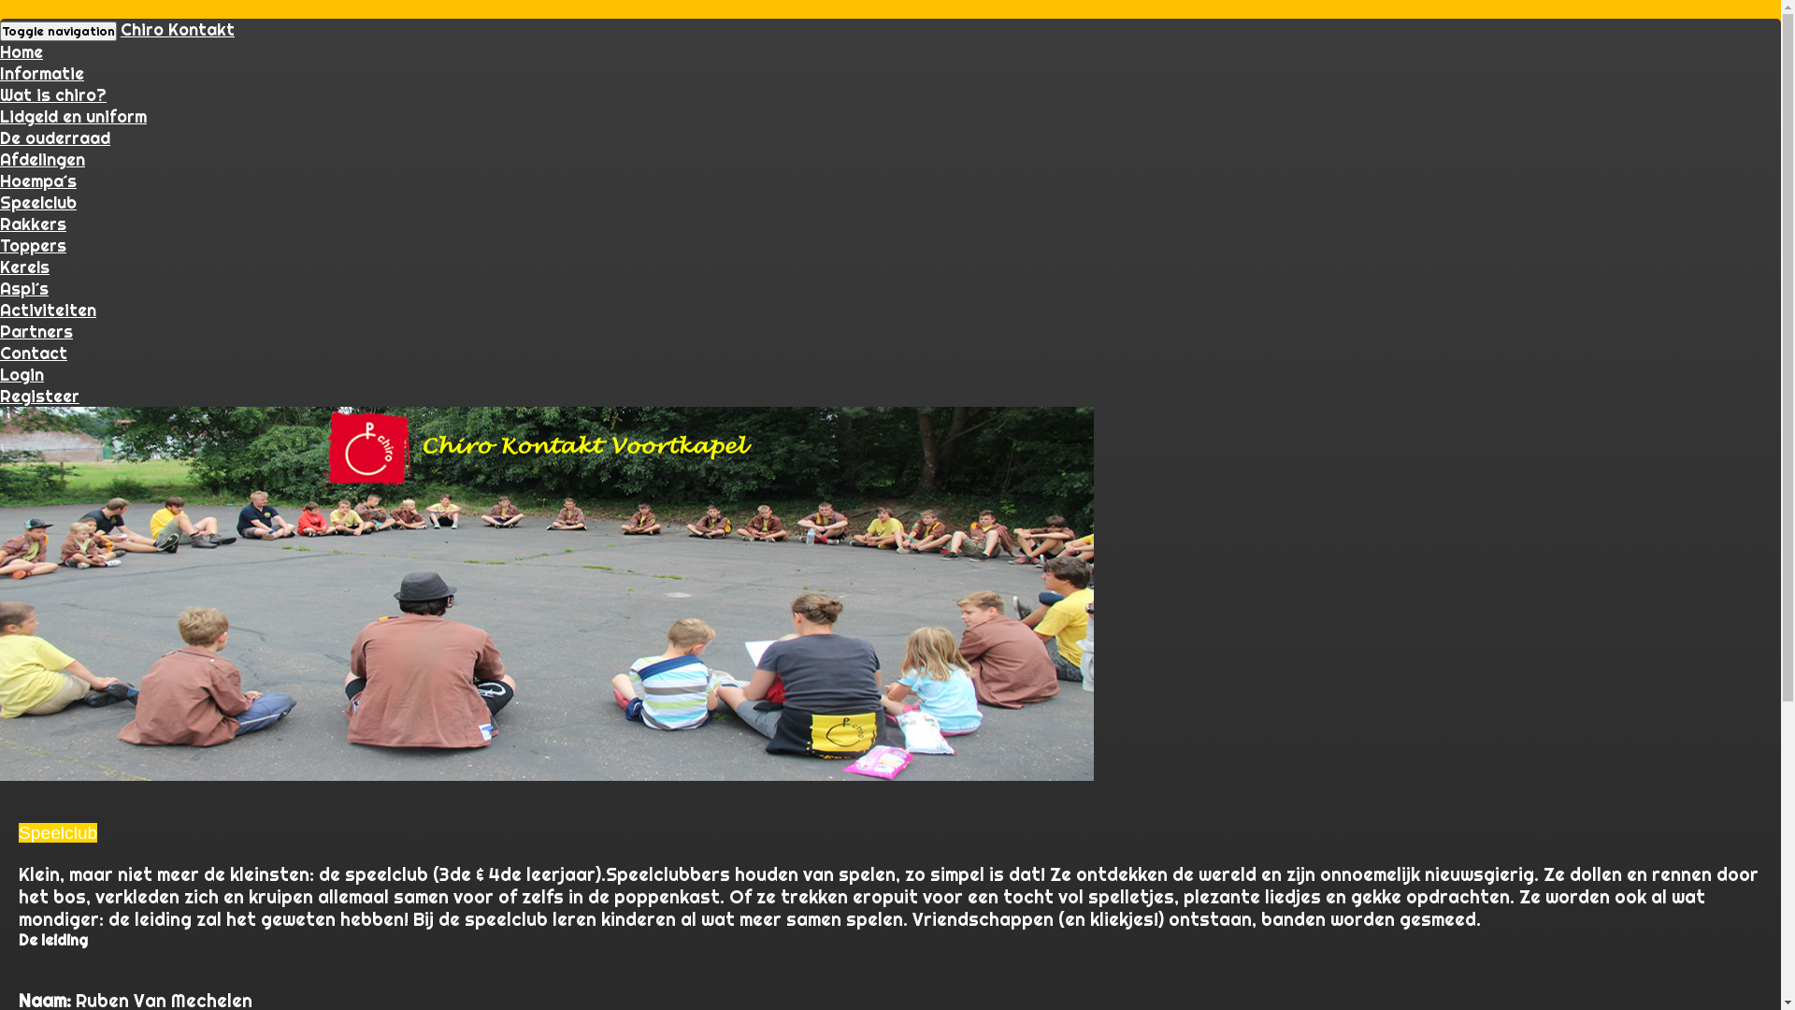 This screenshot has width=1795, height=1010. Describe the element at coordinates (22, 50) in the screenshot. I see `'Home'` at that location.